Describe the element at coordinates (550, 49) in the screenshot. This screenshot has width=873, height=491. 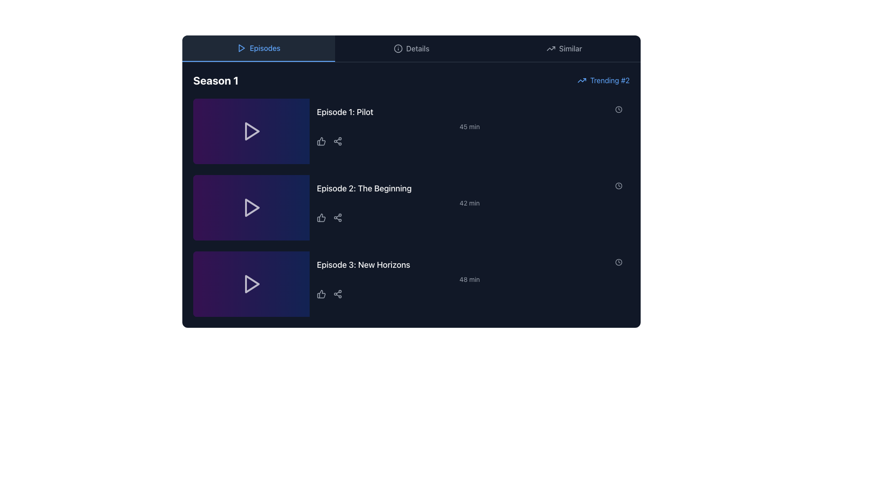
I see `the trending movement icon located in the 'Similar' tab at the rightmost end of the navigation bar` at that location.